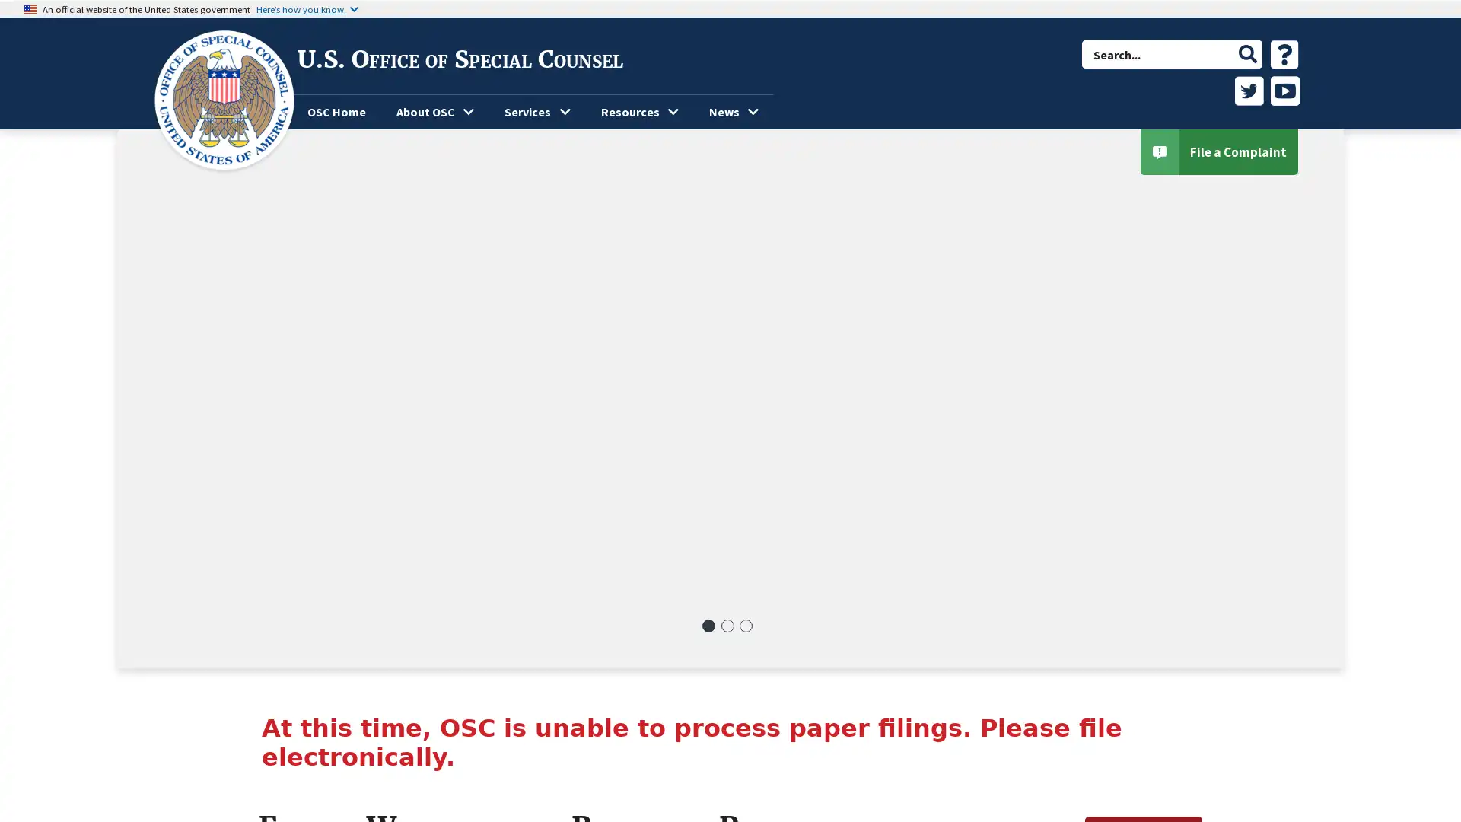  Describe the element at coordinates (639, 111) in the screenshot. I see `Resources` at that location.